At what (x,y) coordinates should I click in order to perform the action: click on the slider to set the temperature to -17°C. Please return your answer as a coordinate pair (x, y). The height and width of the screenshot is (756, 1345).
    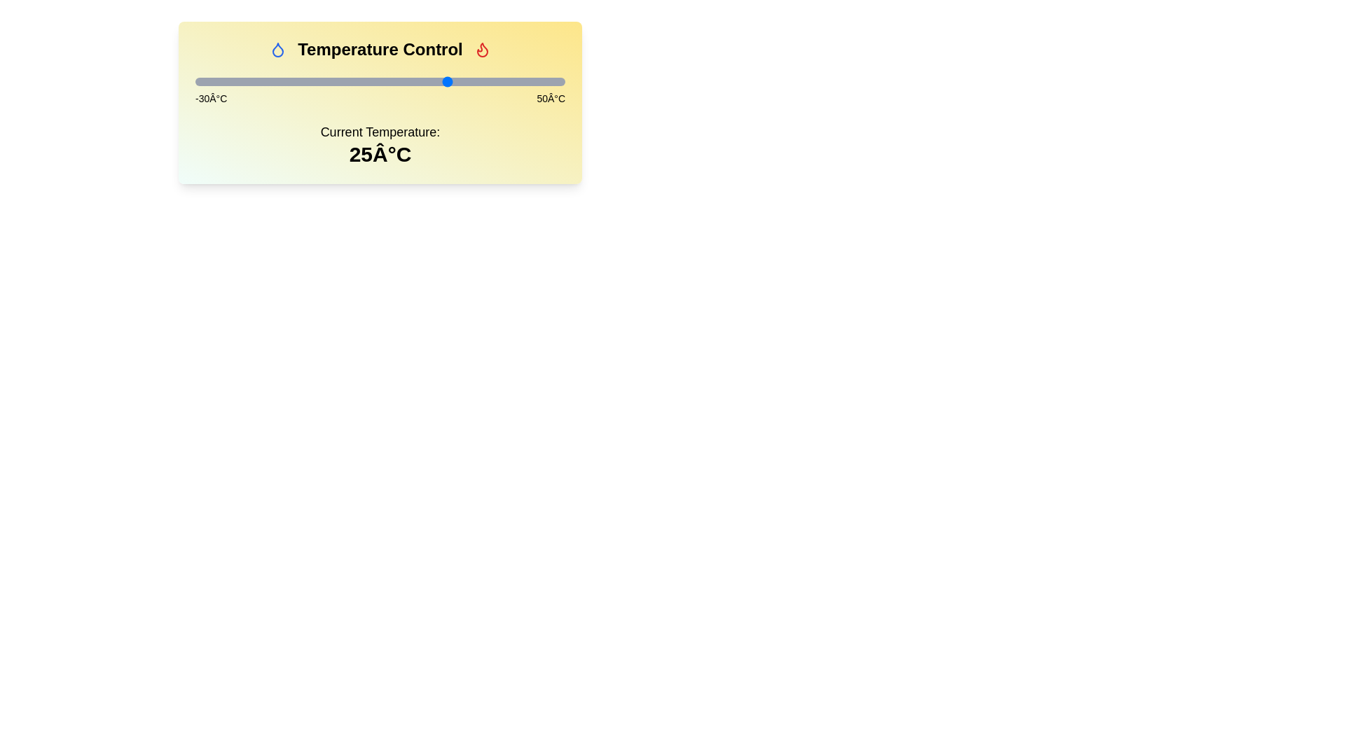
    Looking at the image, I should click on (255, 81).